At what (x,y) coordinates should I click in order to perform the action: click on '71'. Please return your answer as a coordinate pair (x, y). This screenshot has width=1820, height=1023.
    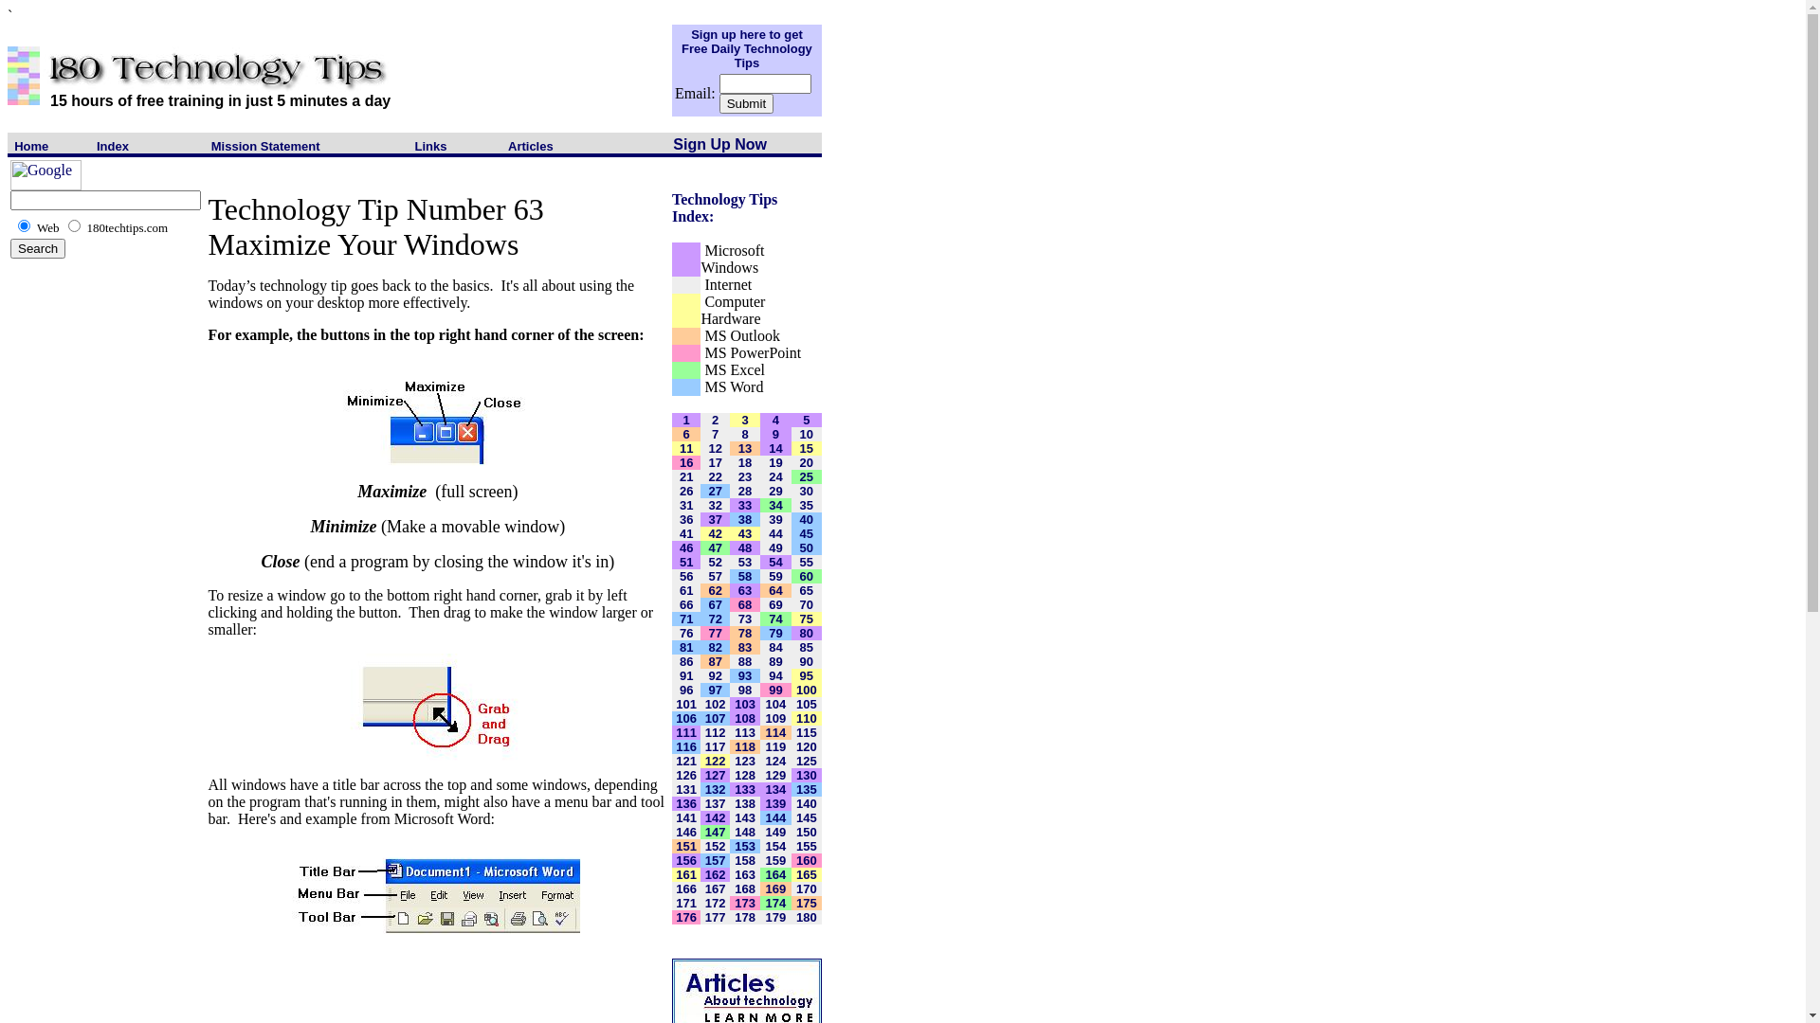
    Looking at the image, I should click on (685, 619).